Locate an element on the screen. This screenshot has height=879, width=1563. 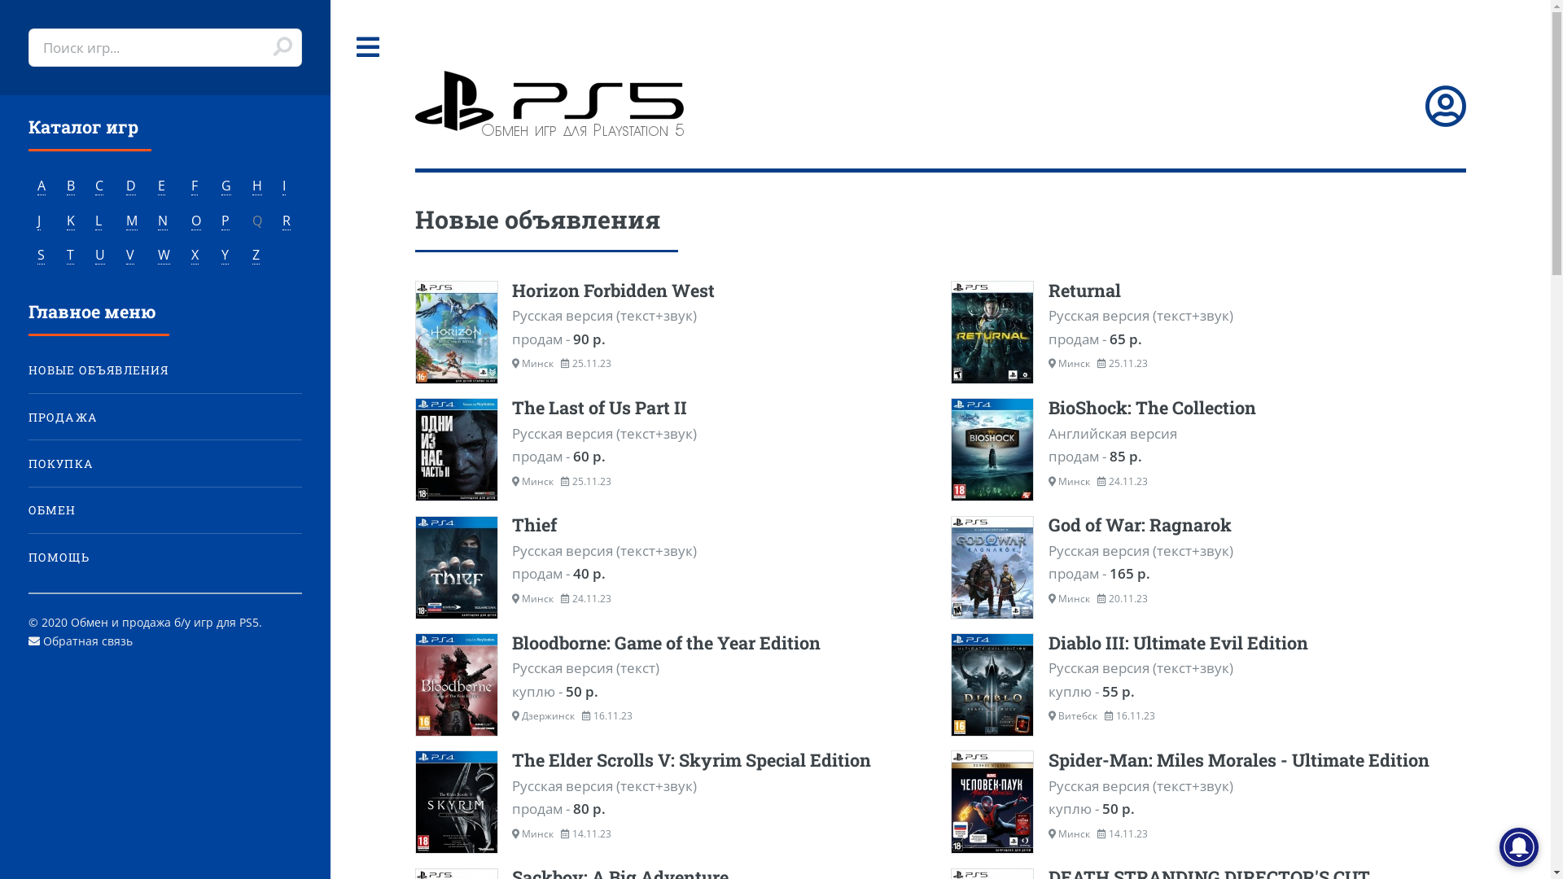
'Spider-Man: Miles Morales - Ultimate Edition' is located at coordinates (1208, 771).